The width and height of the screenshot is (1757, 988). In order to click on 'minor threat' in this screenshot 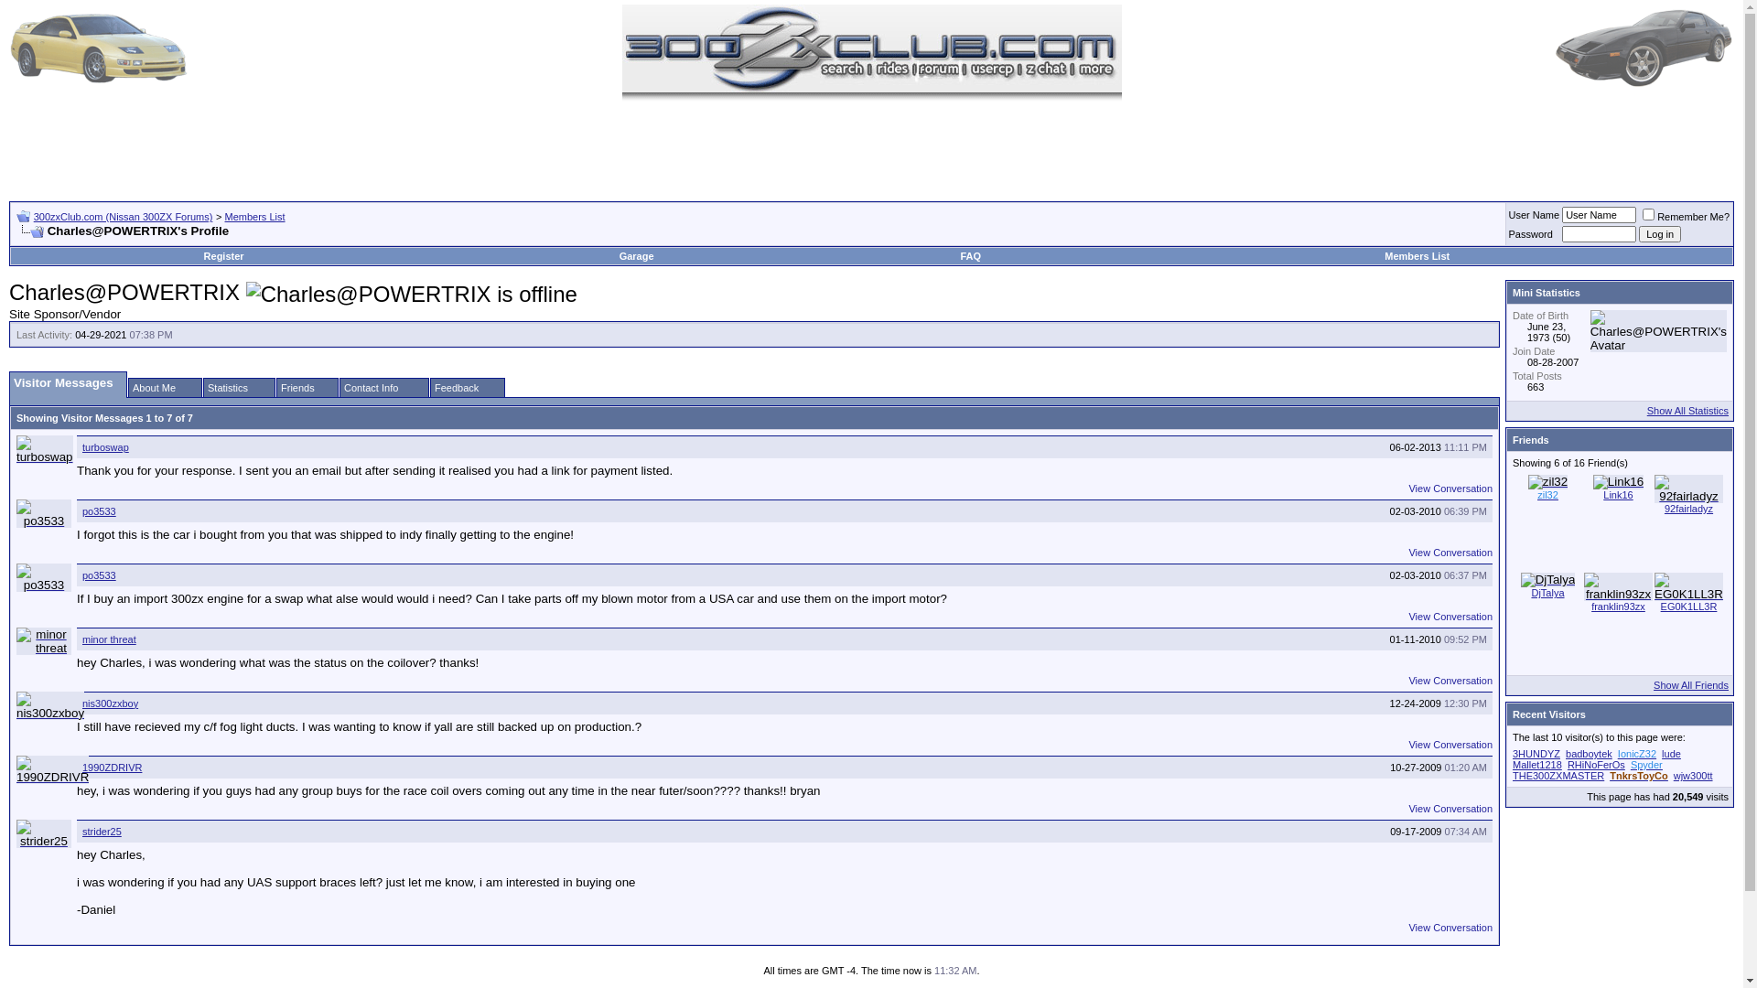, I will do `click(108, 638)`.